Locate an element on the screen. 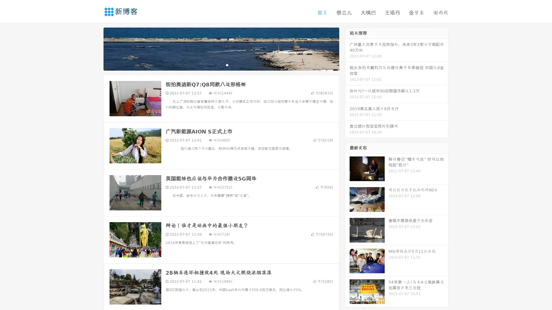 The height and width of the screenshot is (310, 552). Previous slide is located at coordinates (95, 48).